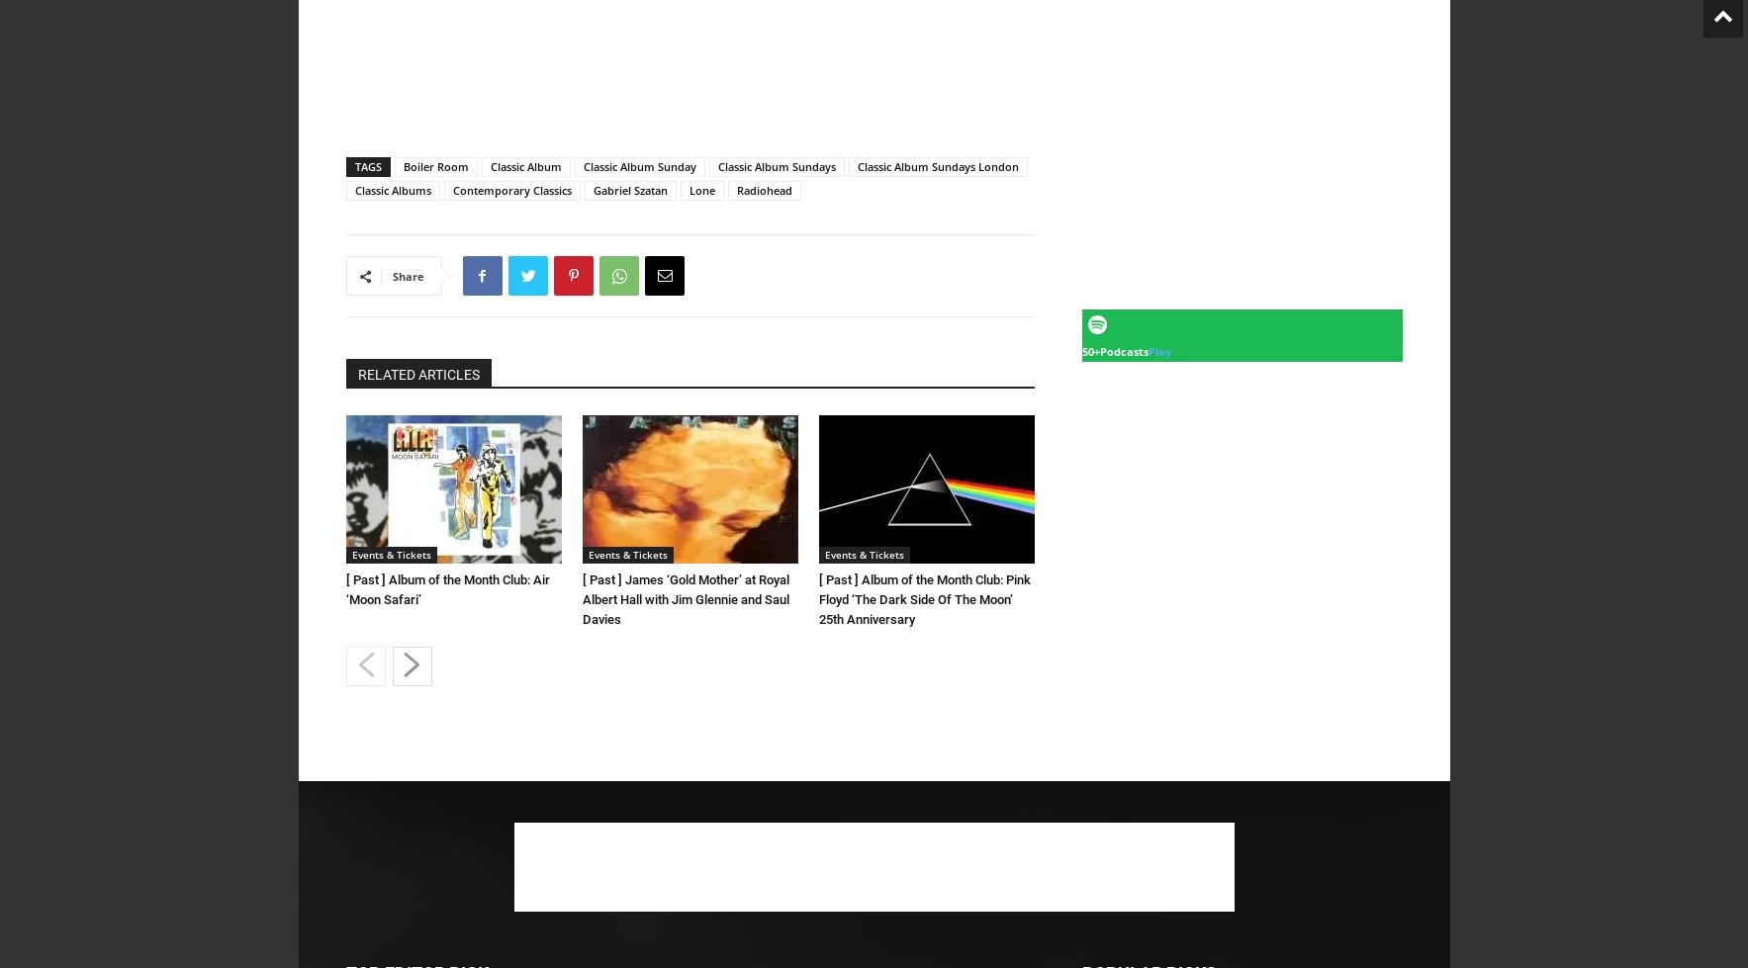 This screenshot has height=968, width=1748. Describe the element at coordinates (1123, 351) in the screenshot. I see `'Podcasts'` at that location.